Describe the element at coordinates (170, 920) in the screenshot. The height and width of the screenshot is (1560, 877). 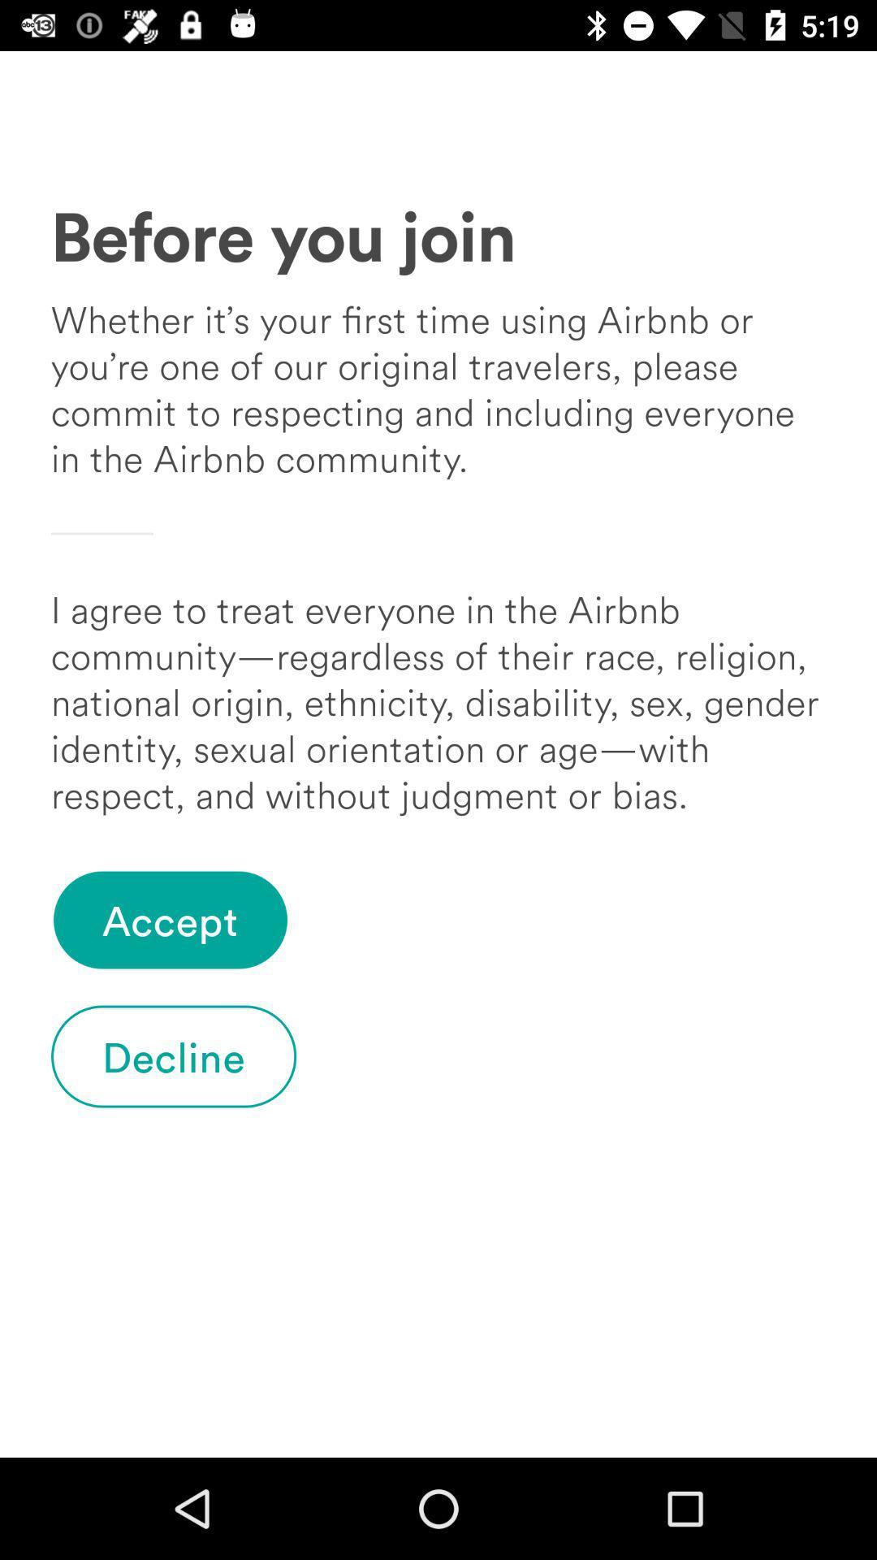
I see `the item above the decline icon` at that location.